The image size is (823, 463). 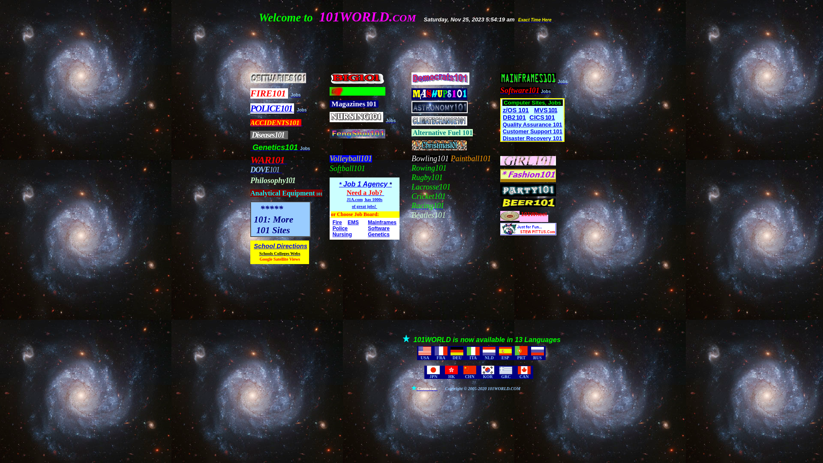 I want to click on 'DEU', so click(x=457, y=357).